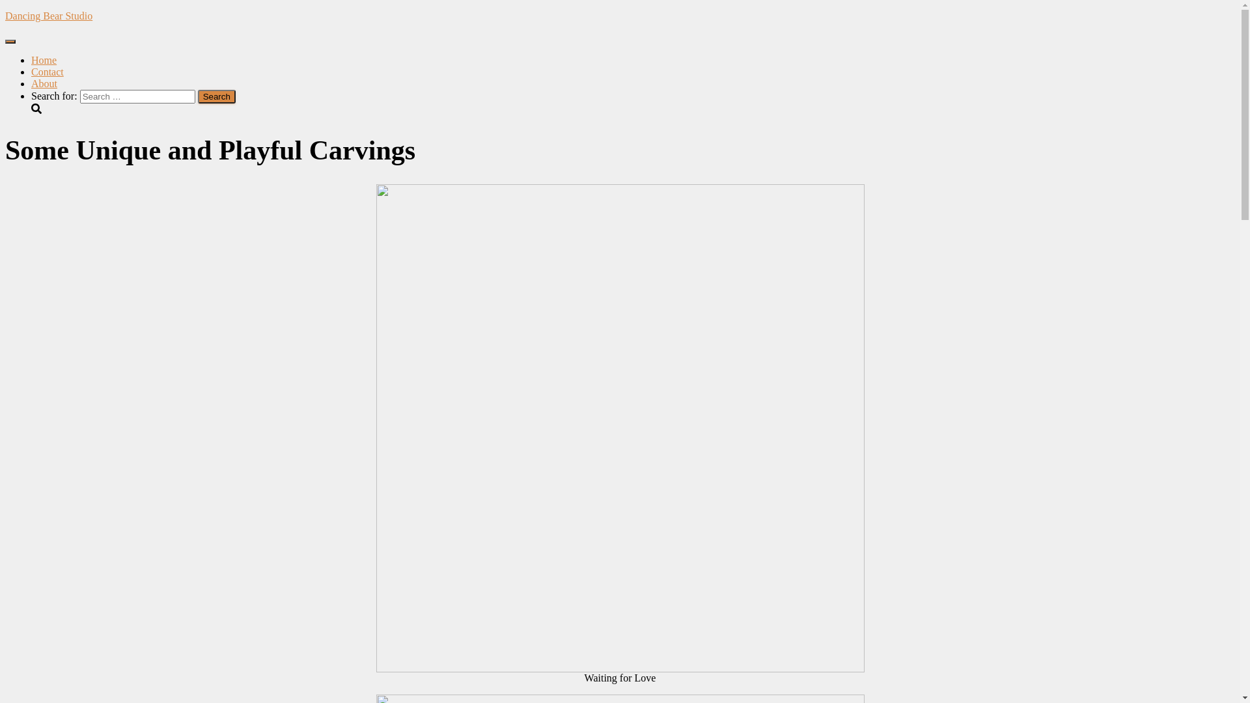  I want to click on 'Contact', so click(47, 72).